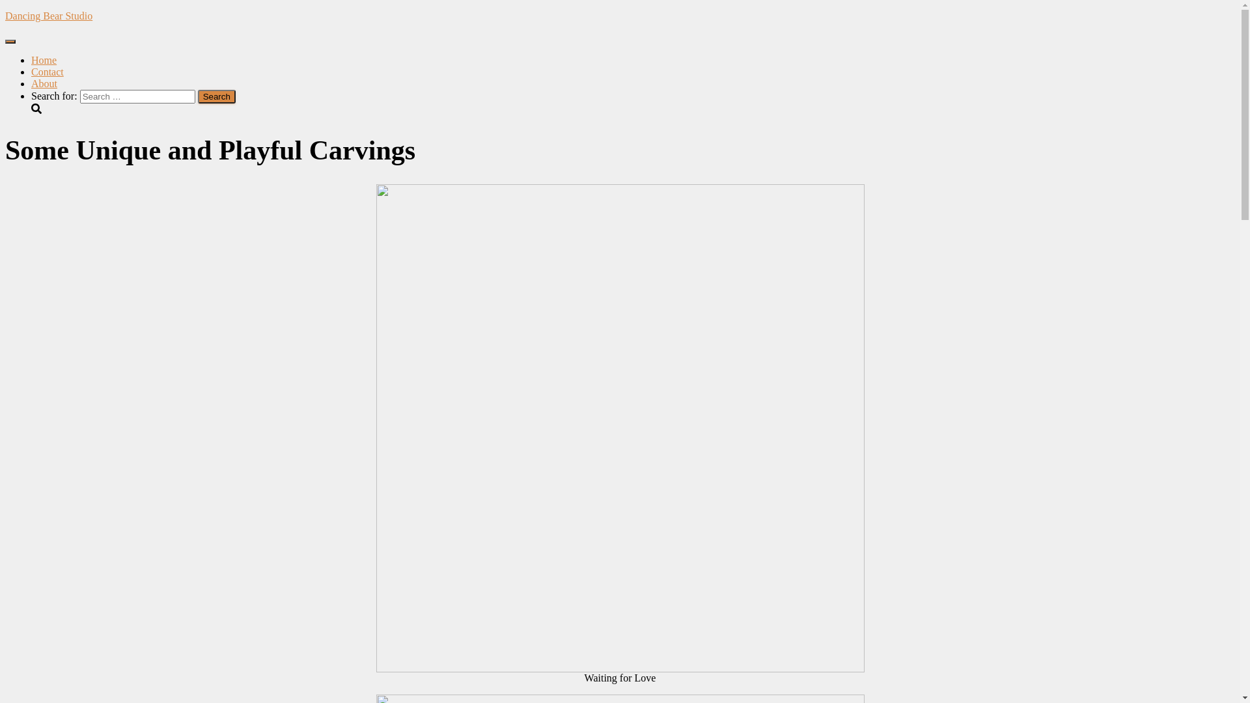  I want to click on 'Contact', so click(47, 72).